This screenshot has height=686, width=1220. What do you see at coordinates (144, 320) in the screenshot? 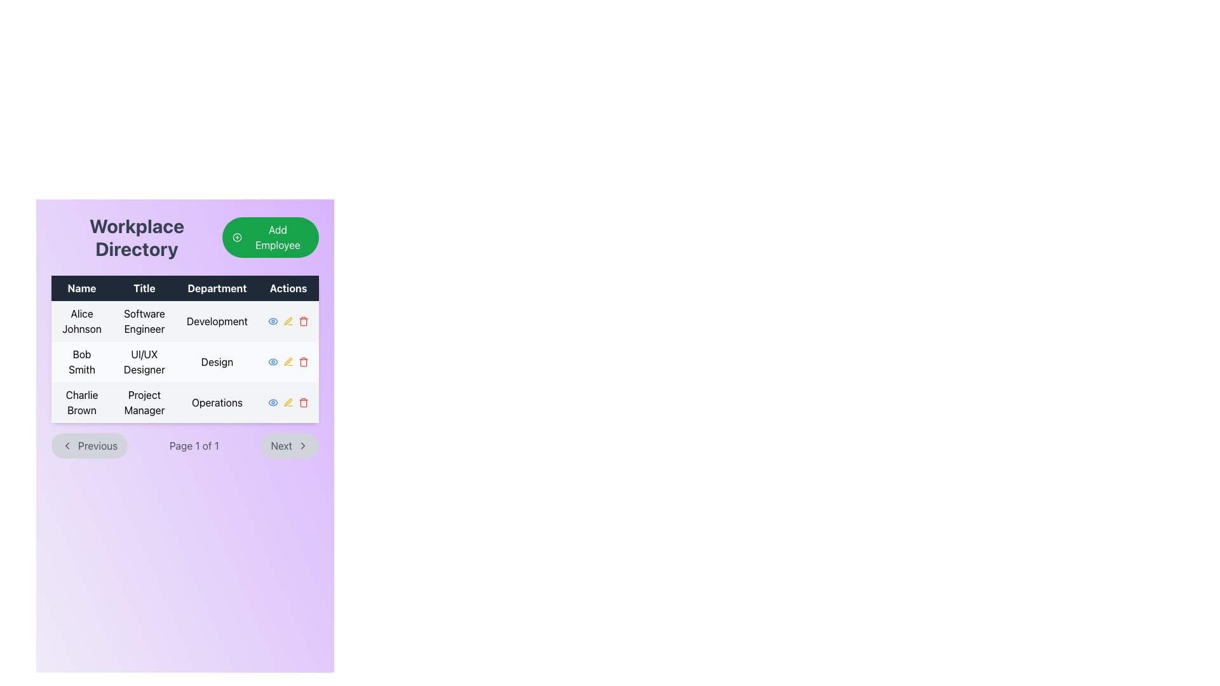
I see `the text label displaying 'Software Engineer' which is located in the 'Title' column under the row for 'Alice Johnson'` at bounding box center [144, 320].